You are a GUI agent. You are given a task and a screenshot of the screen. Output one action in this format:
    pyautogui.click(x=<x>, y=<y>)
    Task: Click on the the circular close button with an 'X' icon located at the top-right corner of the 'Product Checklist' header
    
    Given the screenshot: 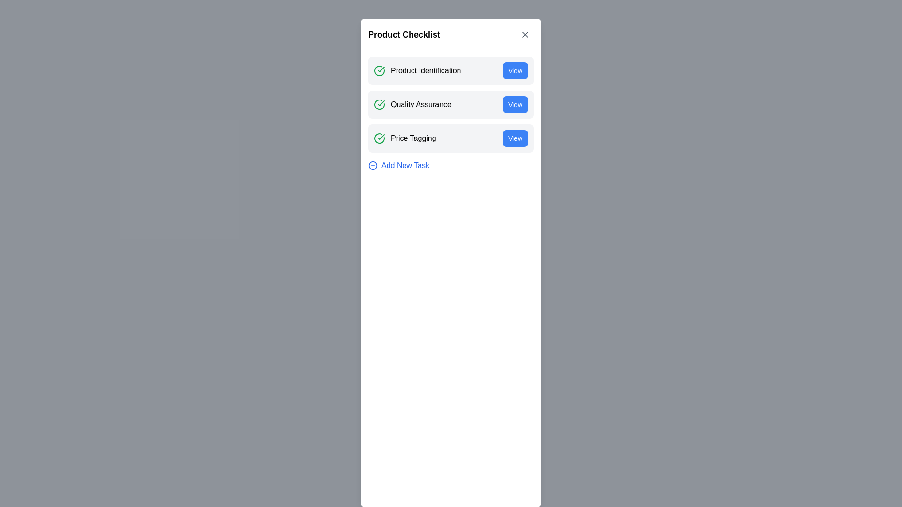 What is the action you would take?
    pyautogui.click(x=525, y=34)
    